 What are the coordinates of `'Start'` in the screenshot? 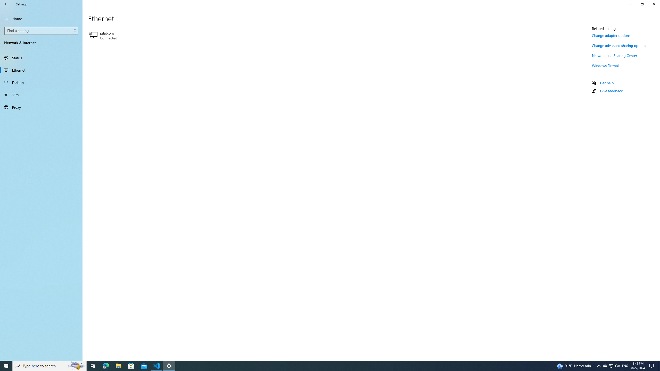 It's located at (6, 365).